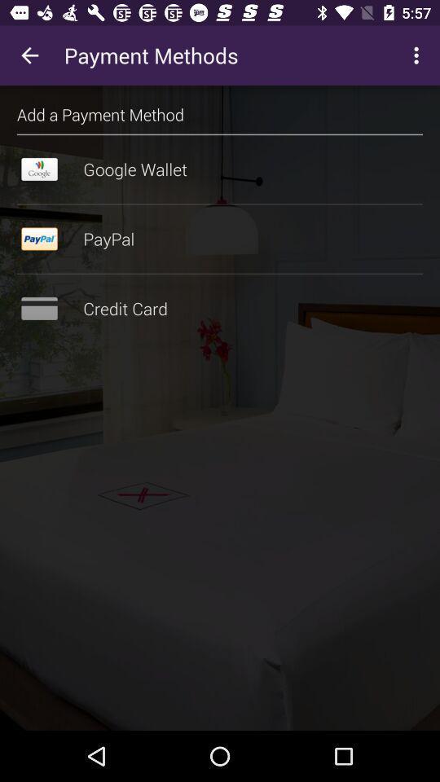  I want to click on the icon below paypal icon, so click(220, 274).